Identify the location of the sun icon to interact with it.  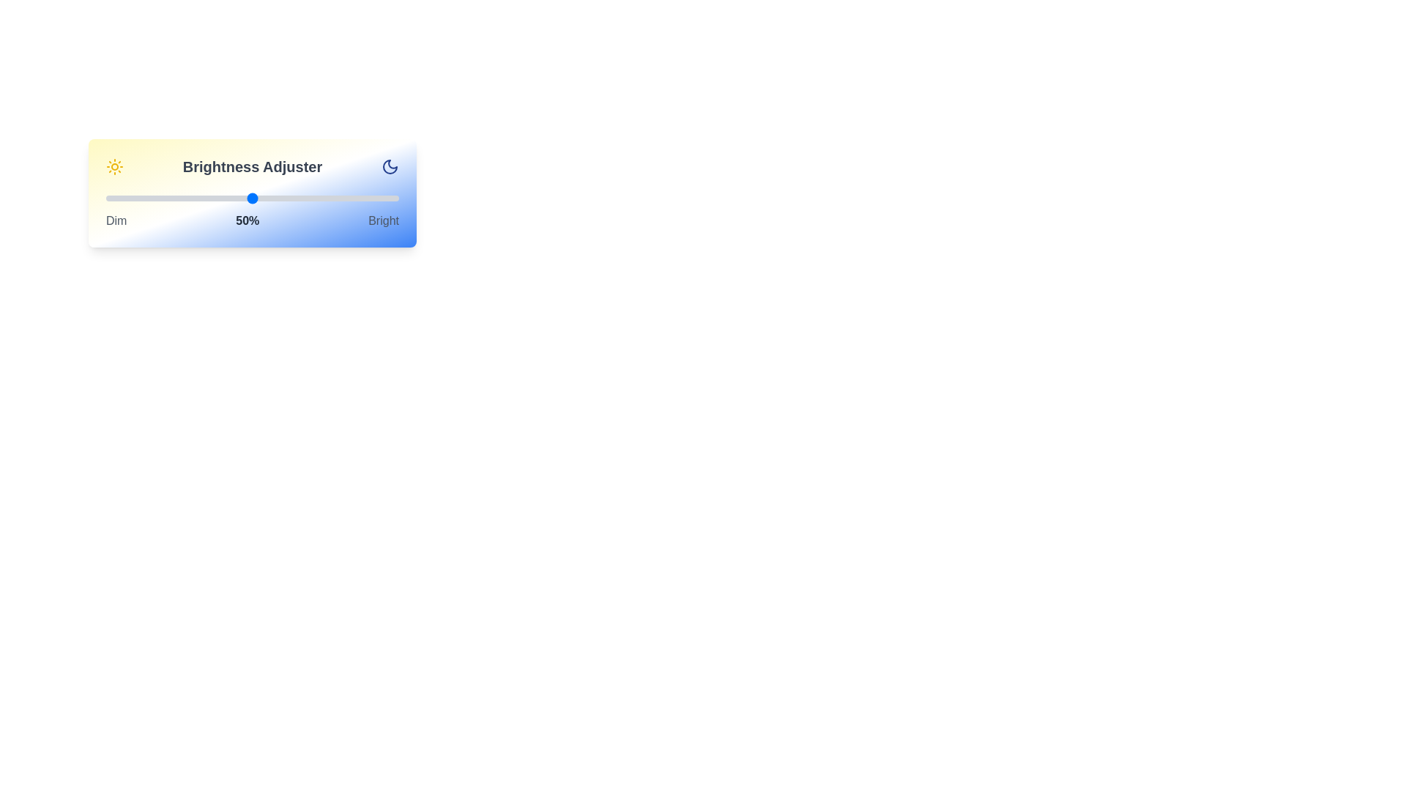
(114, 166).